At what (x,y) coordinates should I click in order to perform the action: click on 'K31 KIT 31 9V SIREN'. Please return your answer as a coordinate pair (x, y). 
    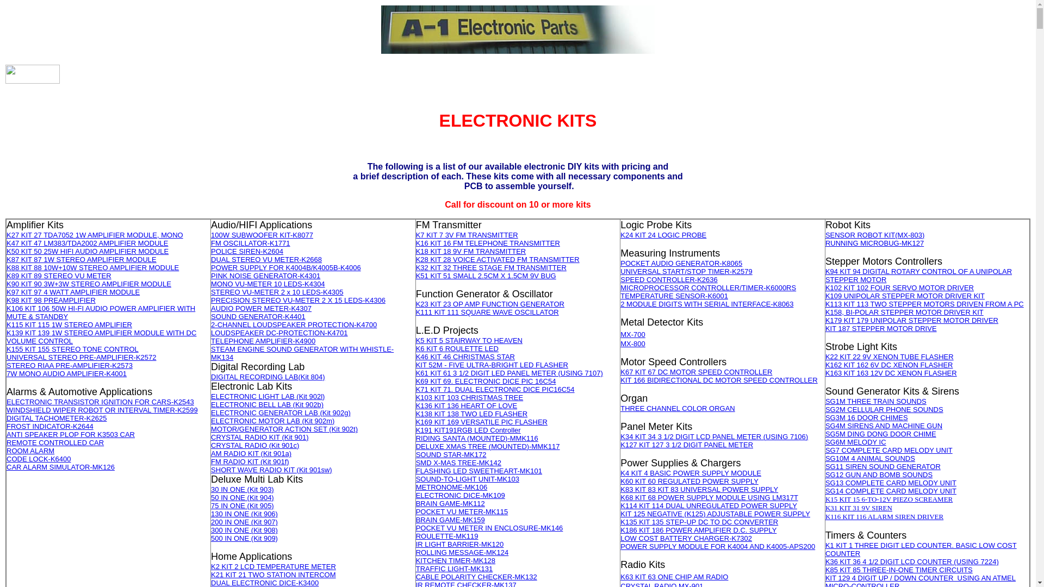
    Looking at the image, I should click on (858, 508).